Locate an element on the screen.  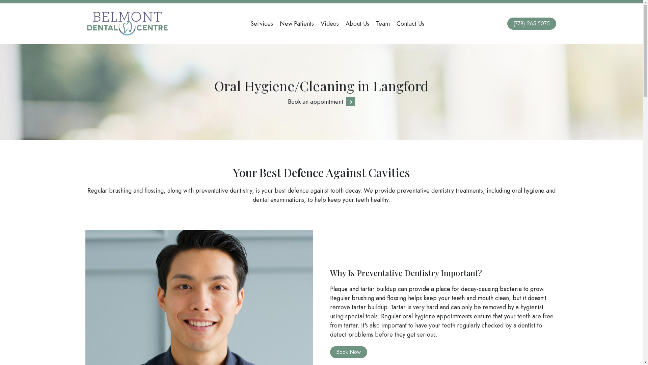
'Videos' is located at coordinates (330, 23).